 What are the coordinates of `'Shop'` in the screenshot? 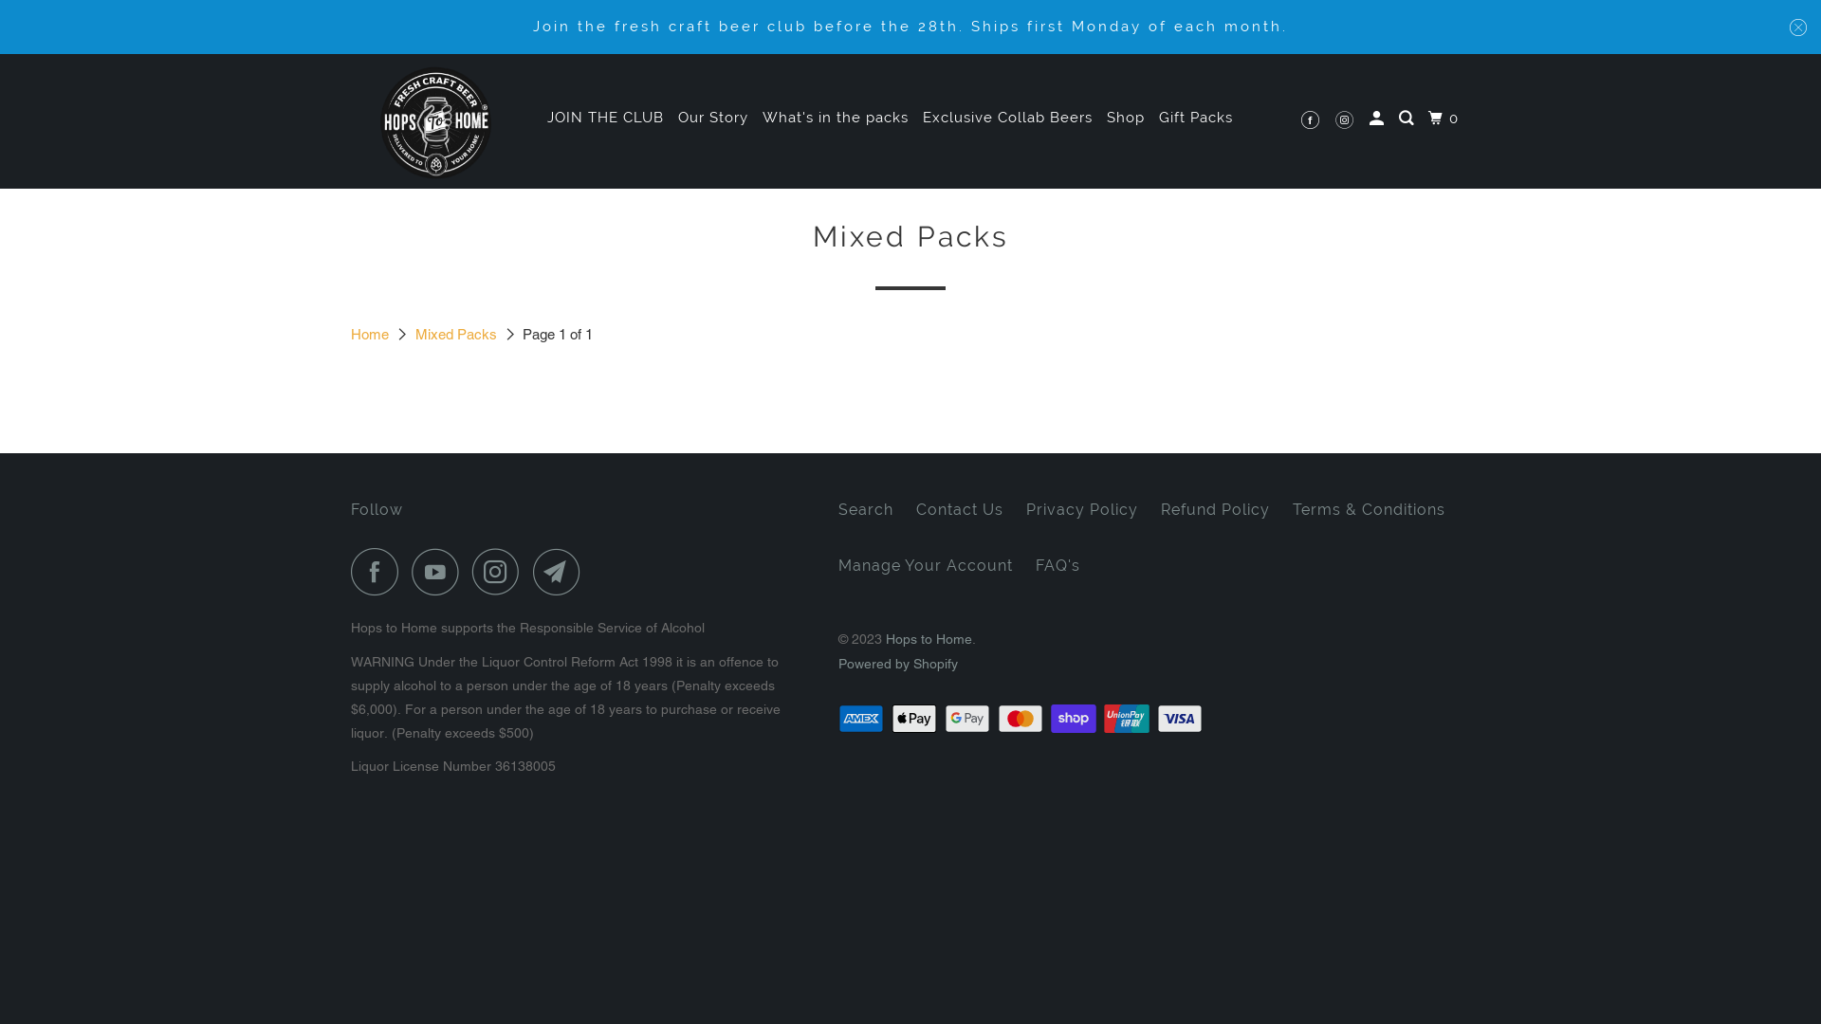 It's located at (1125, 118).